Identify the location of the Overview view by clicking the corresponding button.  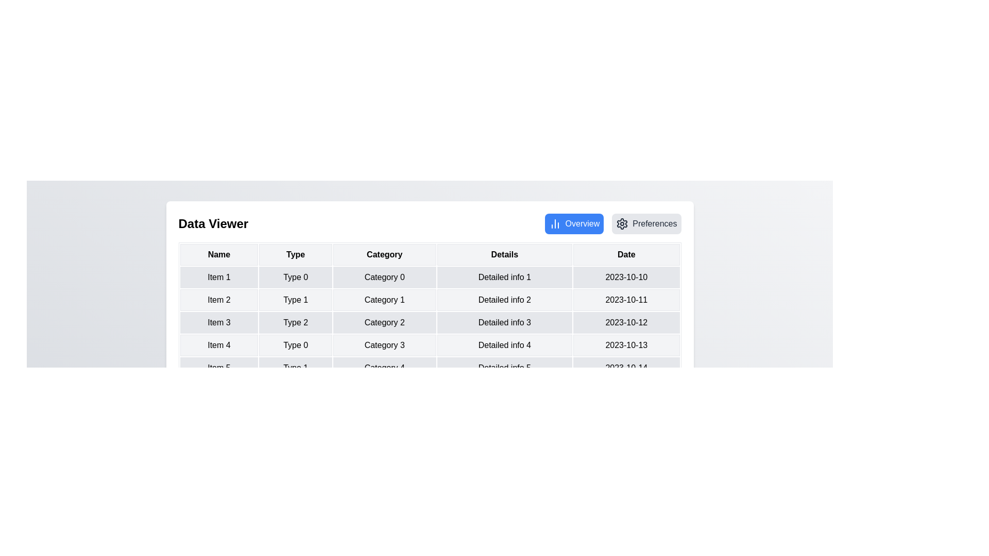
(573, 223).